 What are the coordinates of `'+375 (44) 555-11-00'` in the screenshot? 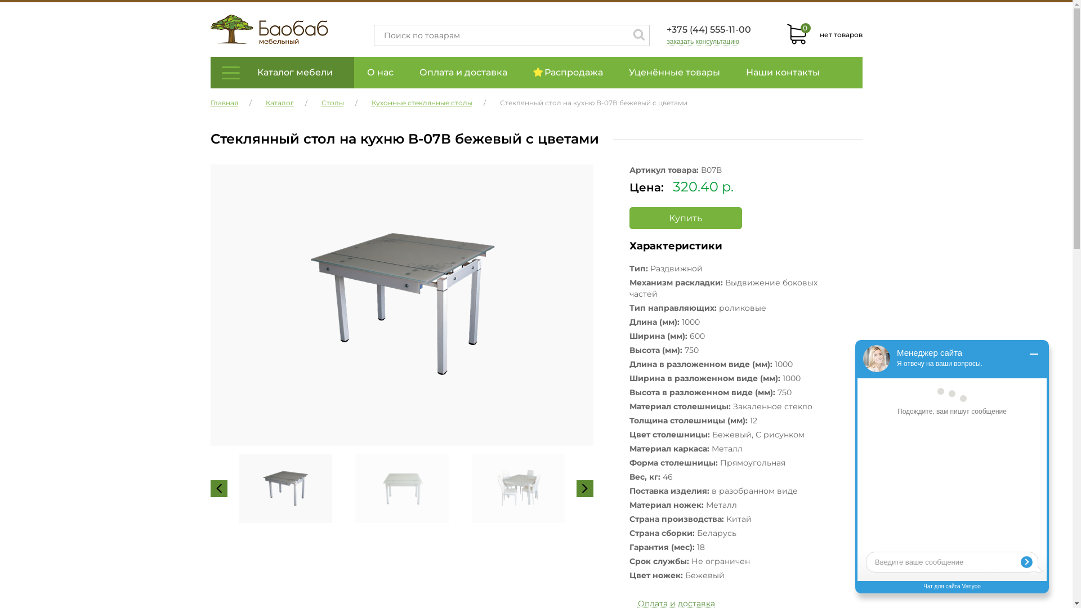 It's located at (667, 28).